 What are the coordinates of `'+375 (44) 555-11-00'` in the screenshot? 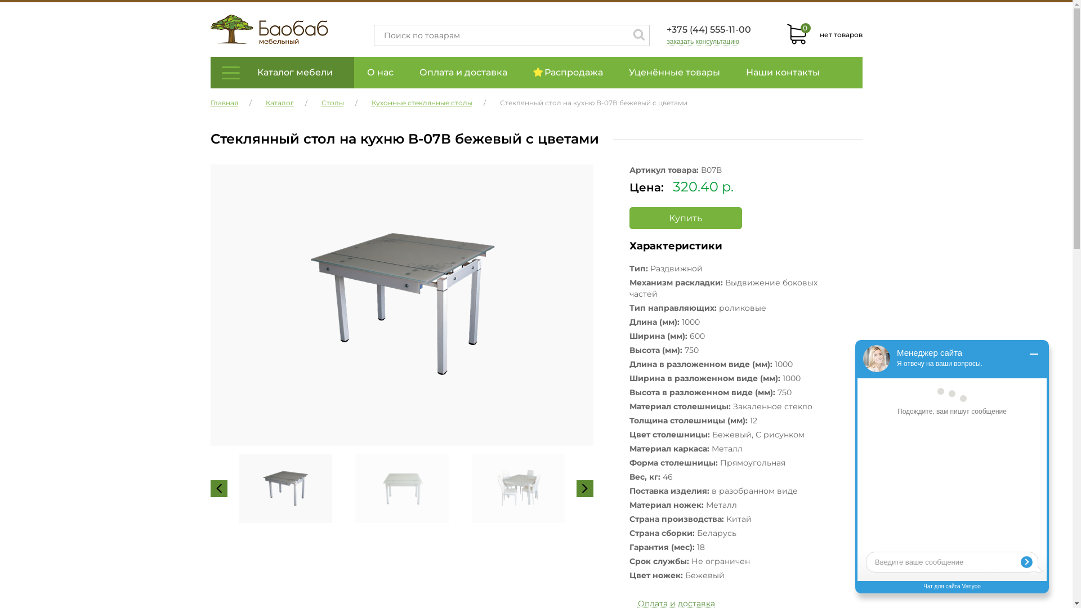 It's located at (667, 28).